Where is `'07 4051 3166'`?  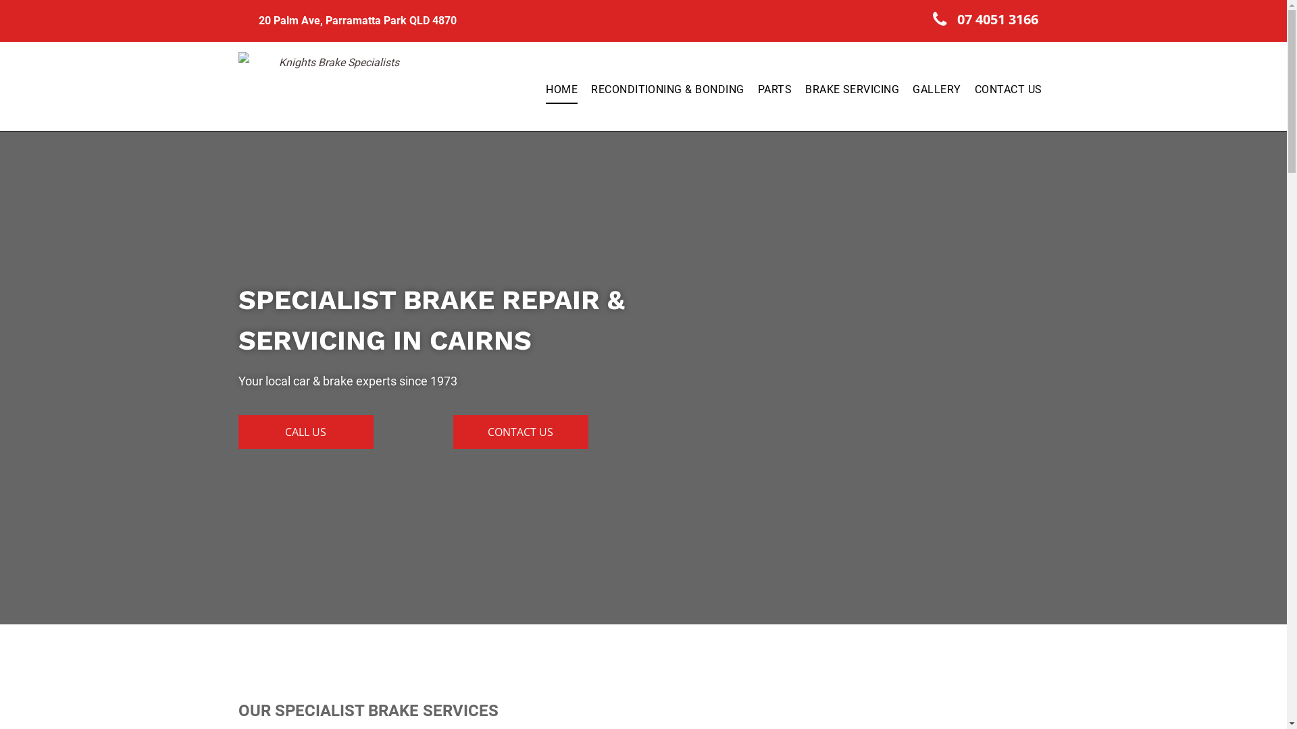 '07 4051 3166' is located at coordinates (986, 19).